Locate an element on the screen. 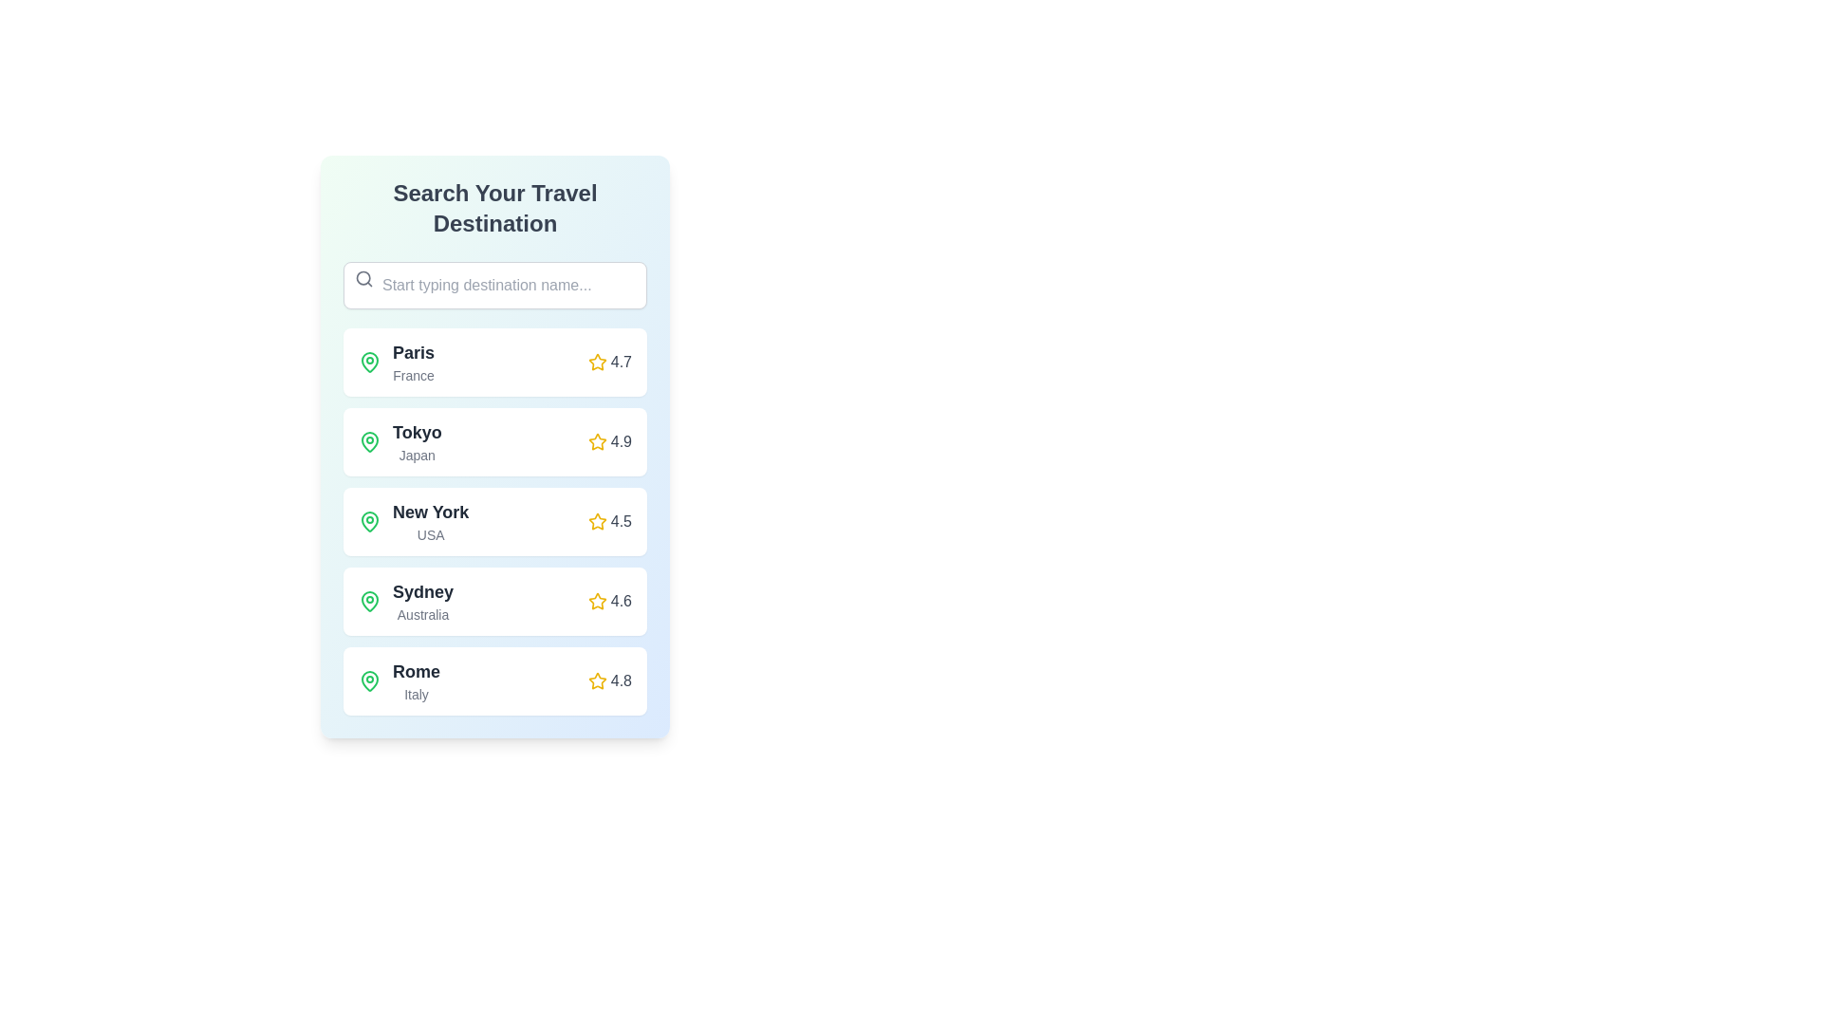 The height and width of the screenshot is (1025, 1822). the decorative star rating icon located inside the first list item, adjacent to the text 'Paris' and the rating value 4.7 is located at coordinates (596, 362).